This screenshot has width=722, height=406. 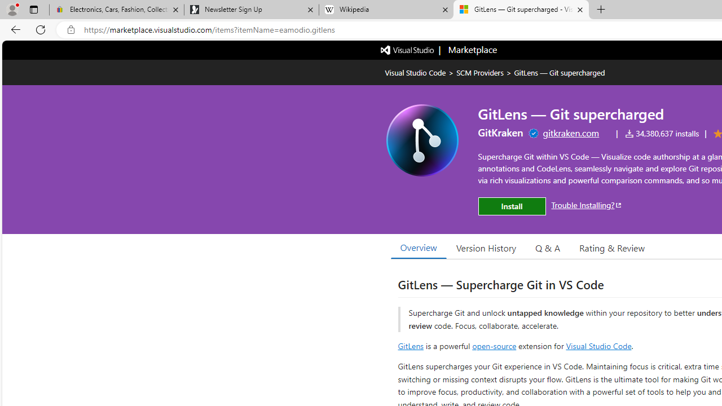 What do you see at coordinates (250, 10) in the screenshot?
I see `'Newsletter Sign Up'` at bounding box center [250, 10].